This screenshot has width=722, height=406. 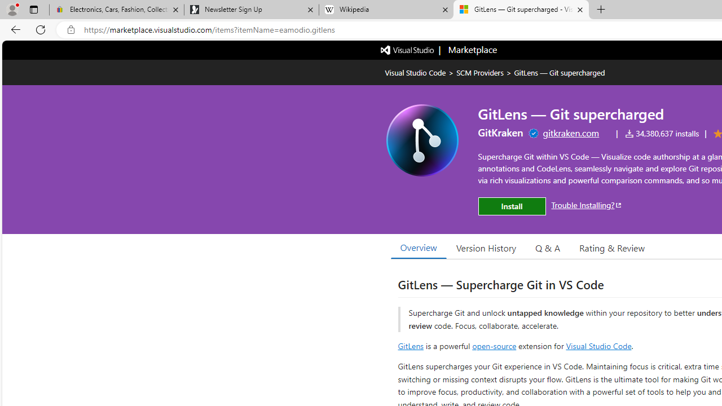 What do you see at coordinates (250, 10) in the screenshot?
I see `'Newsletter Sign Up'` at bounding box center [250, 10].